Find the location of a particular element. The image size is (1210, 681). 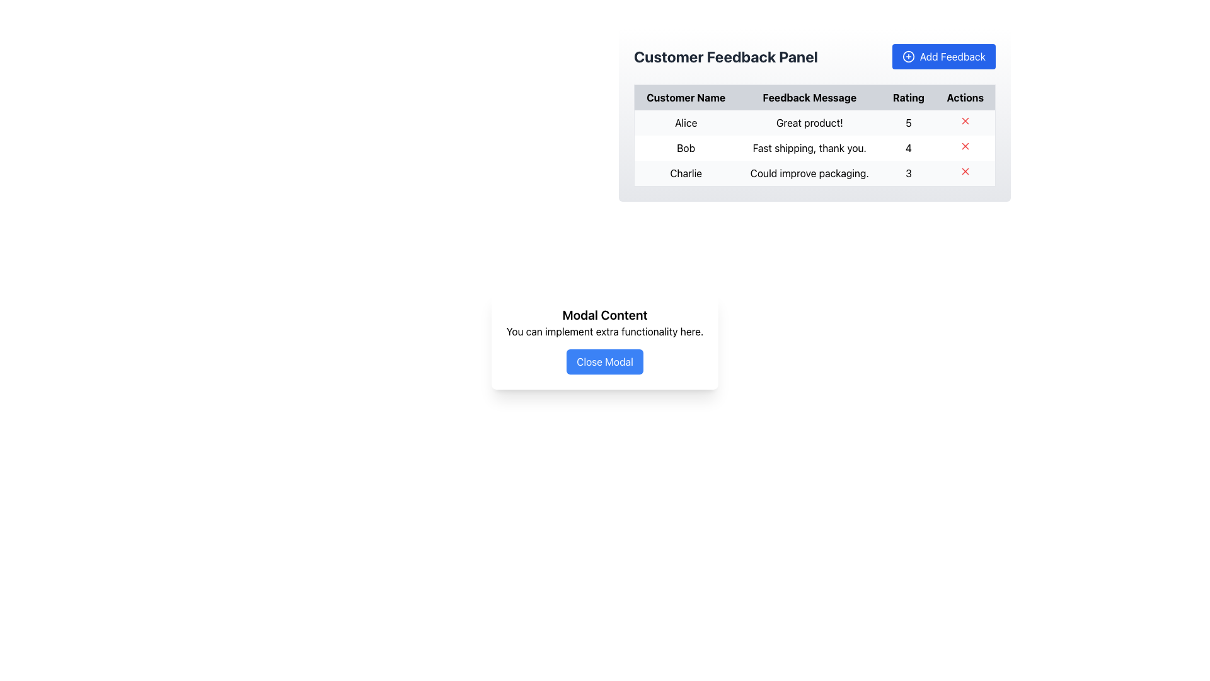

title of the Customer Feedback section located at the top of the panel to understand its context is located at coordinates (814, 55).